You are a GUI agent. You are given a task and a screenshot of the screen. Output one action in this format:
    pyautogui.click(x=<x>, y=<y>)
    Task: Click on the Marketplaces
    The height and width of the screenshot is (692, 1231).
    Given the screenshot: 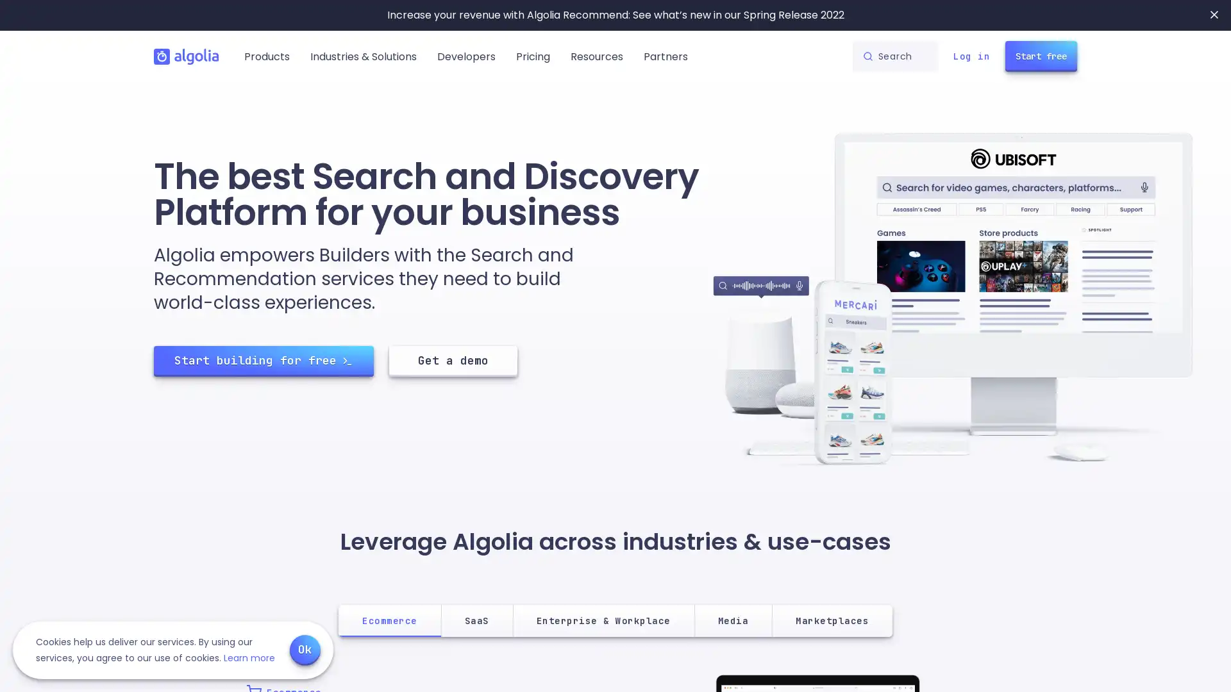 What is the action you would take?
    pyautogui.click(x=832, y=620)
    